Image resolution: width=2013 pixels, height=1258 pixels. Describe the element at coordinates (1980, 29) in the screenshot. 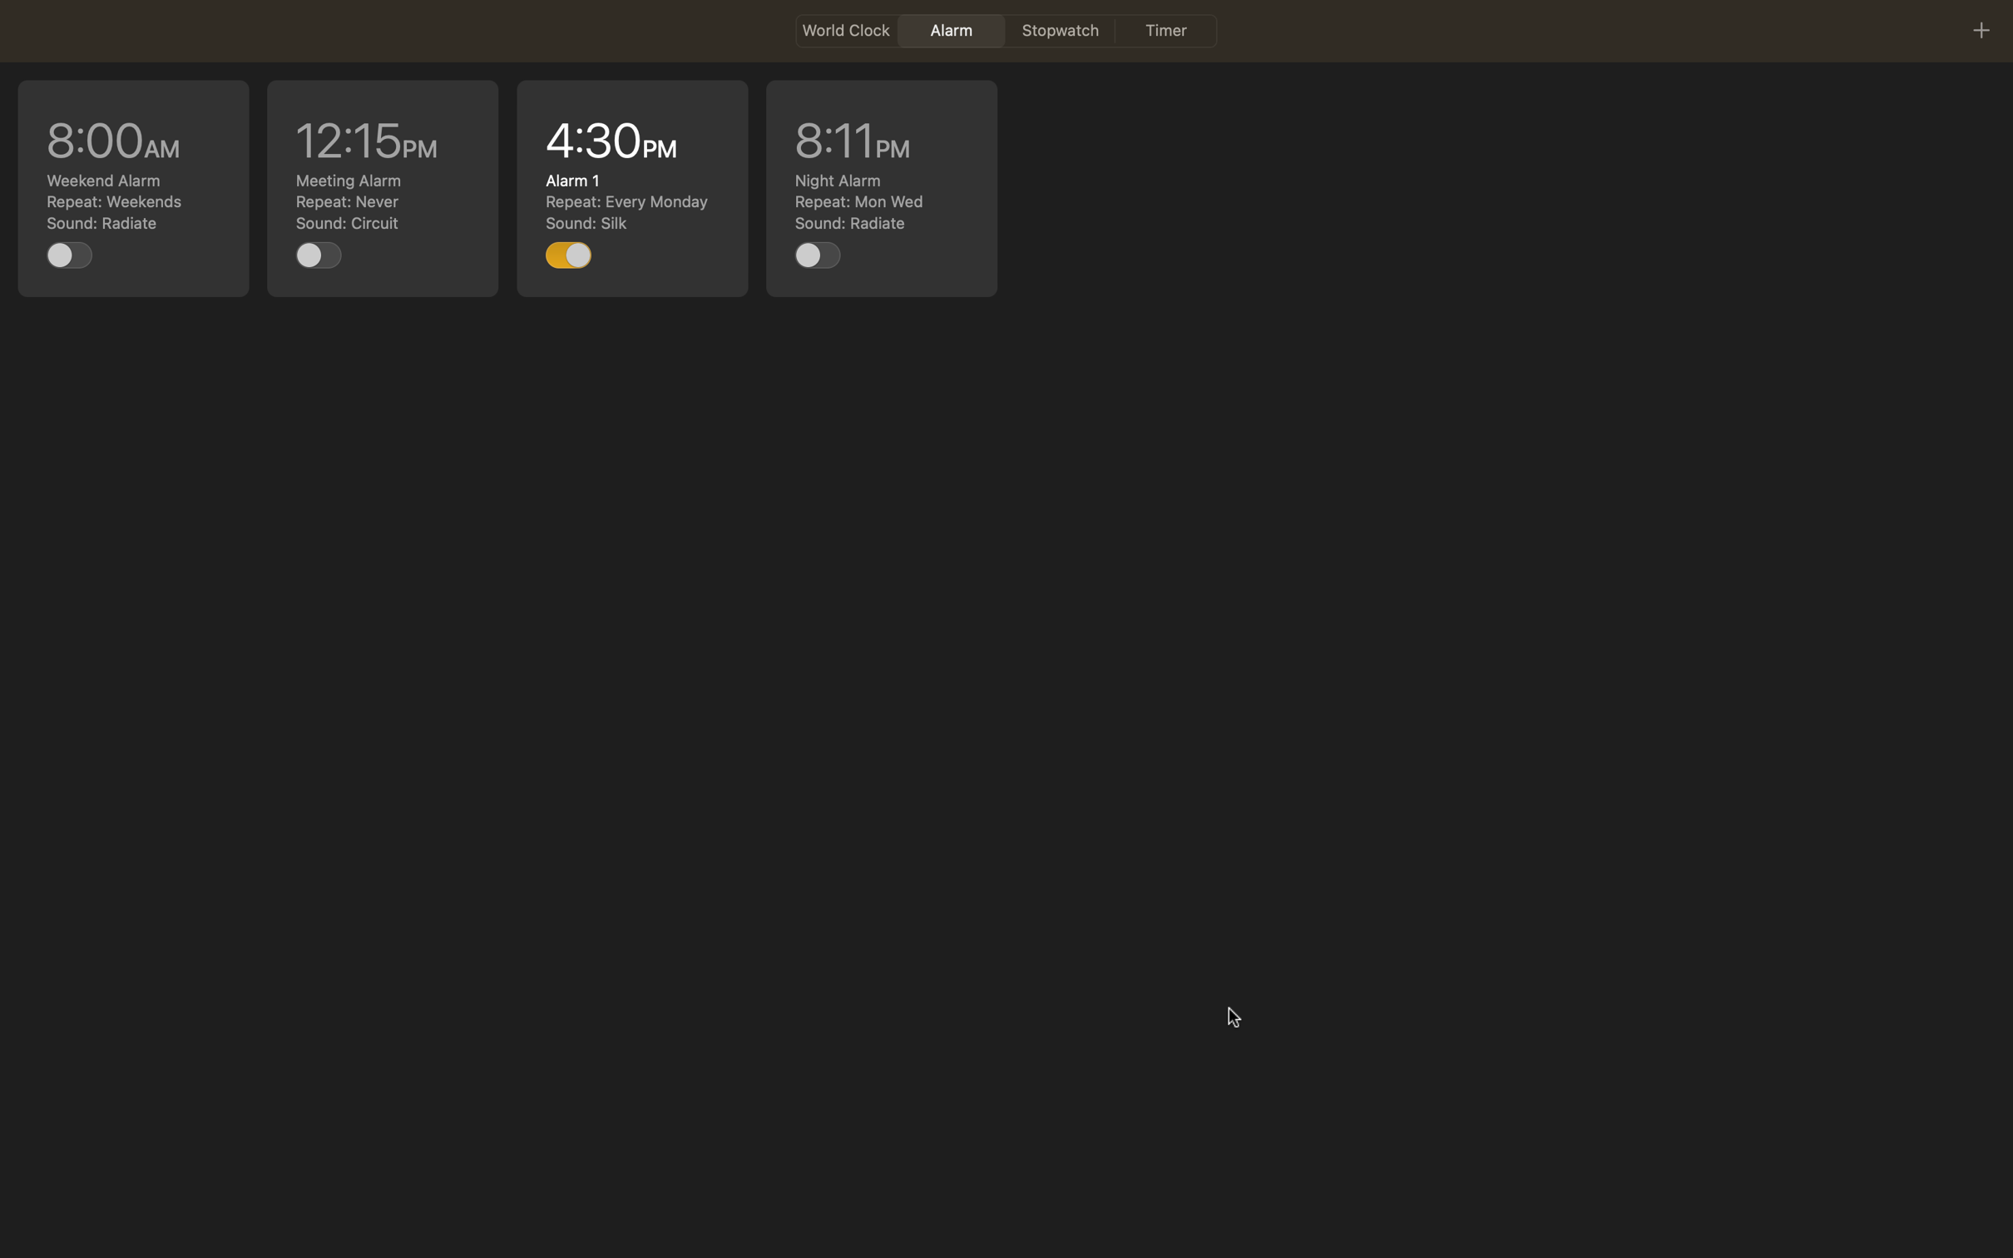

I see `the "add" button to set a new reminder` at that location.